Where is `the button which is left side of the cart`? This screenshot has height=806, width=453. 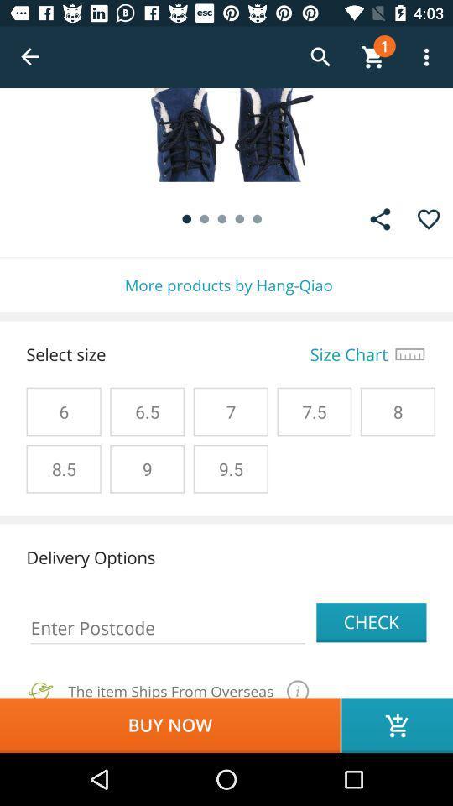 the button which is left side of the cart is located at coordinates (320, 57).